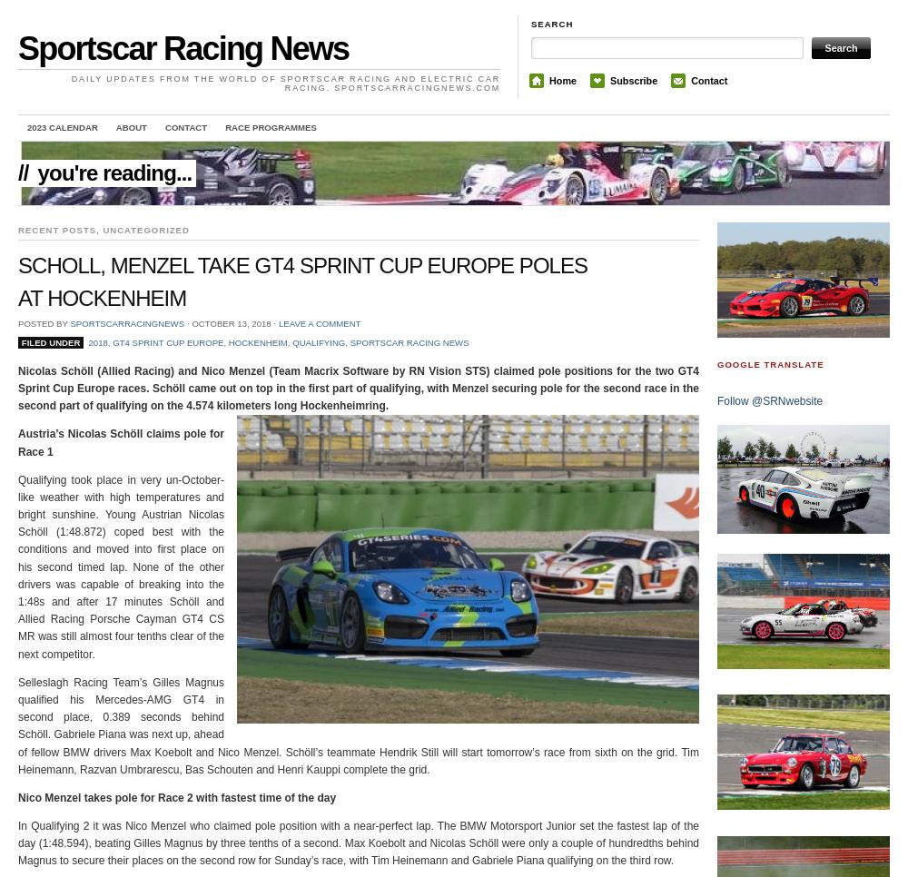  Describe the element at coordinates (18, 387) in the screenshot. I see `'Nicolas Schöll (Allied Racing) and Nico Menzel (Team Macrix Software by RN Vision STS) claimed pole positions for the two GT4 Sprint Cup Europe races. Schöll came out on top in the first part of qualifying, with Menzel securing pole for the second race in the second part of qualifying on the 4.574 kilometers long Hockenheimring.'` at that location.